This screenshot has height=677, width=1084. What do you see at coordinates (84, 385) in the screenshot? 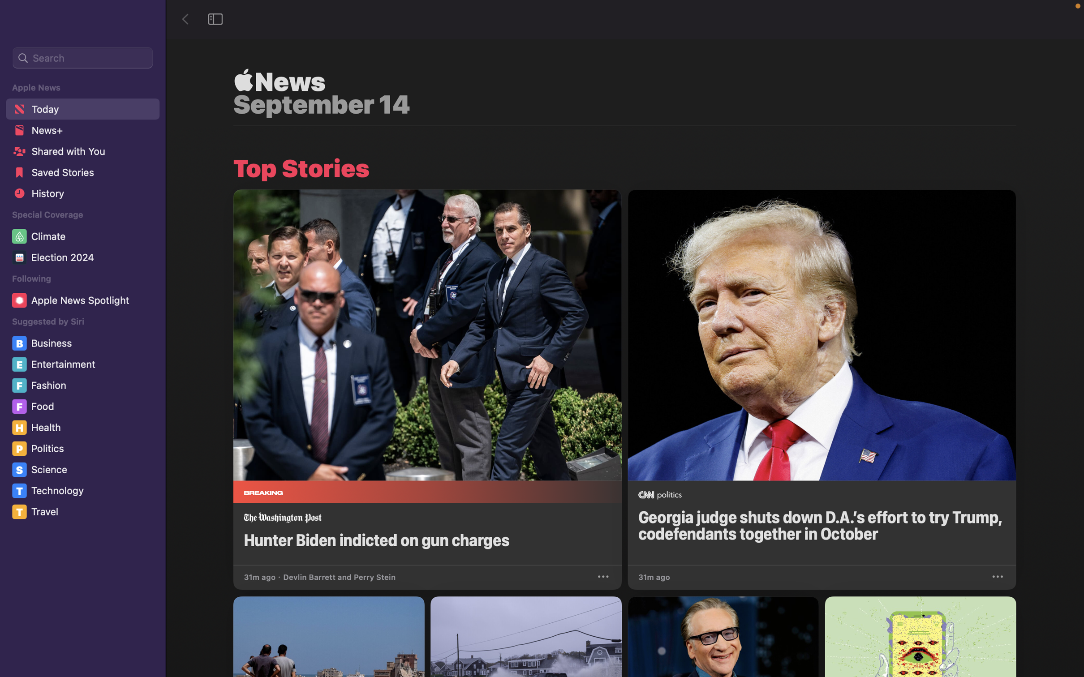
I see `the "Fashion" option` at bounding box center [84, 385].